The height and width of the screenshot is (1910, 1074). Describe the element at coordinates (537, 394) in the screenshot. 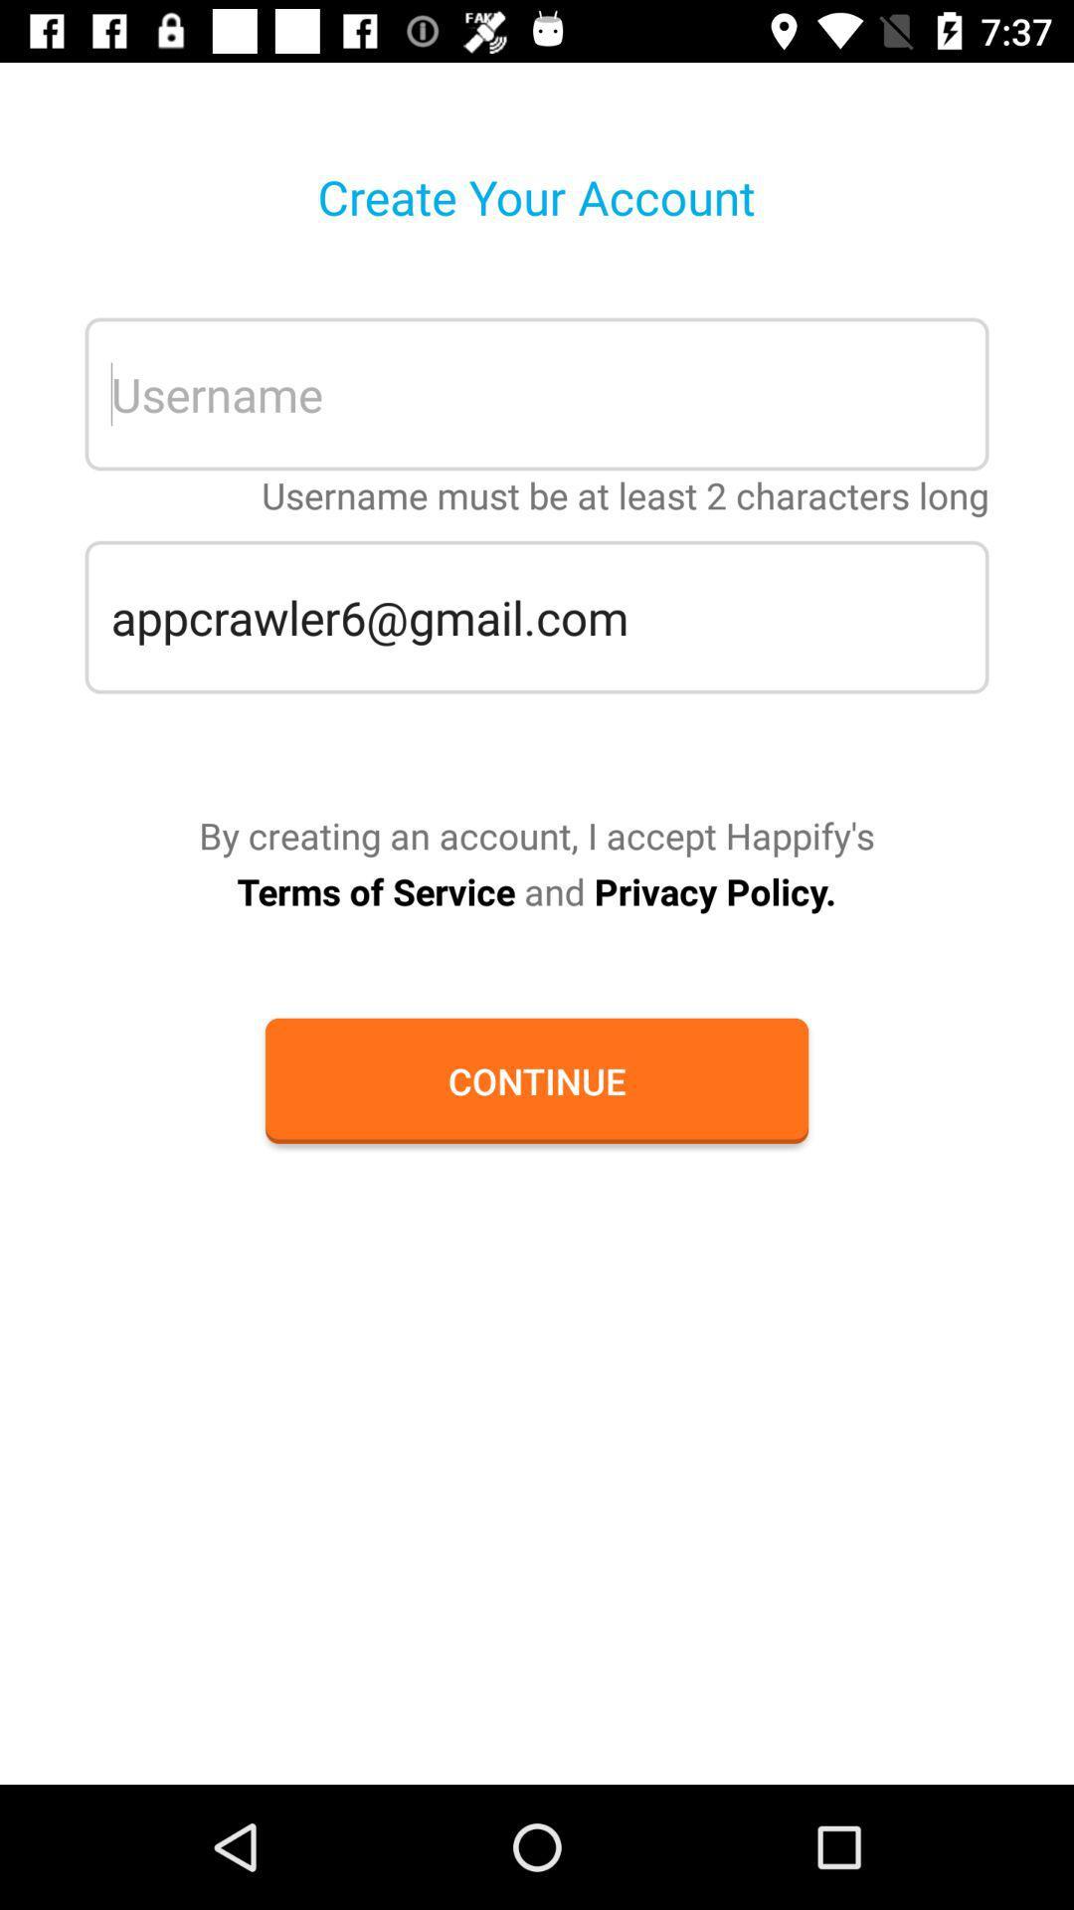

I see `username` at that location.